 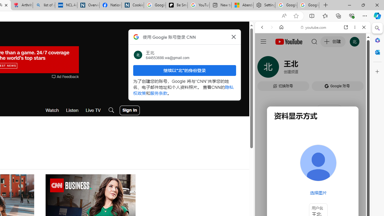 What do you see at coordinates (302, 197) in the screenshot?
I see `'Search videos from youtube.com'` at bounding box center [302, 197].